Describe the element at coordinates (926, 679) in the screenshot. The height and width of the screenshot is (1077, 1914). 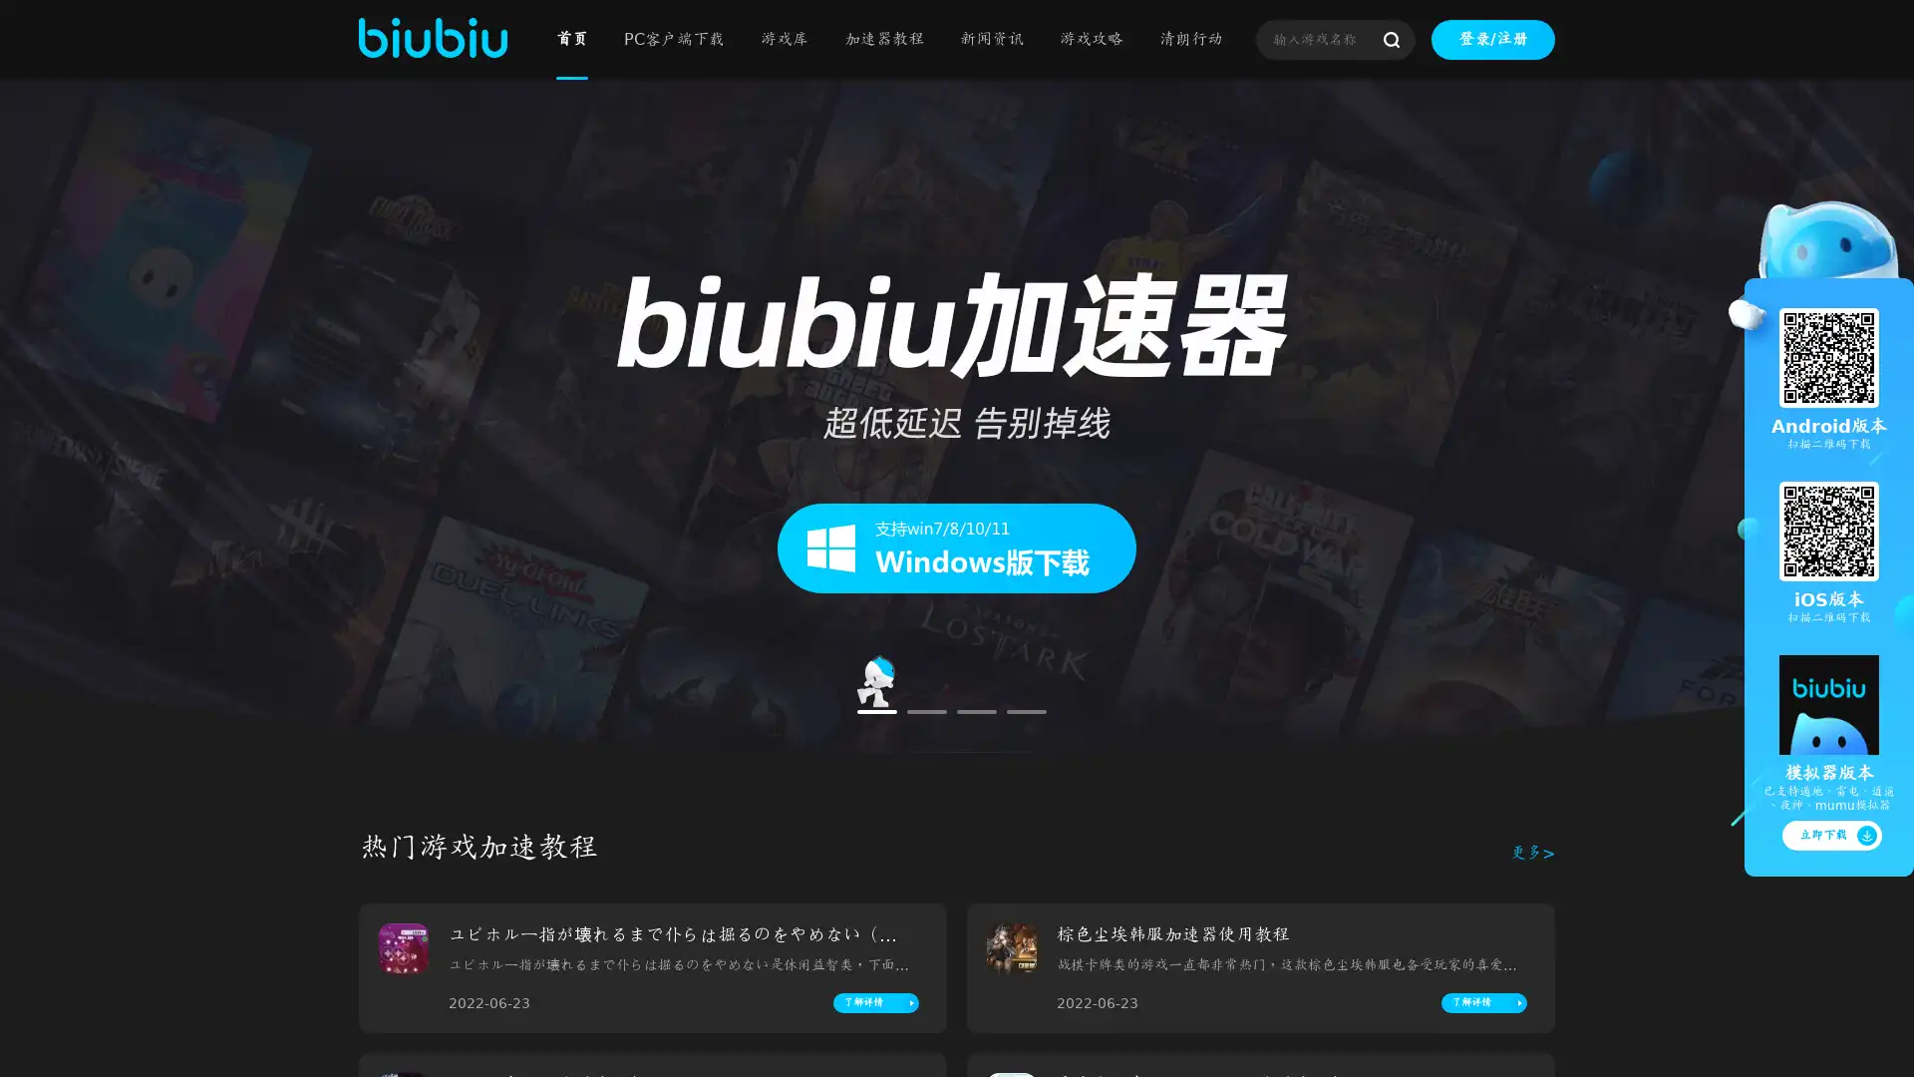
I see `Go to slide 2` at that location.